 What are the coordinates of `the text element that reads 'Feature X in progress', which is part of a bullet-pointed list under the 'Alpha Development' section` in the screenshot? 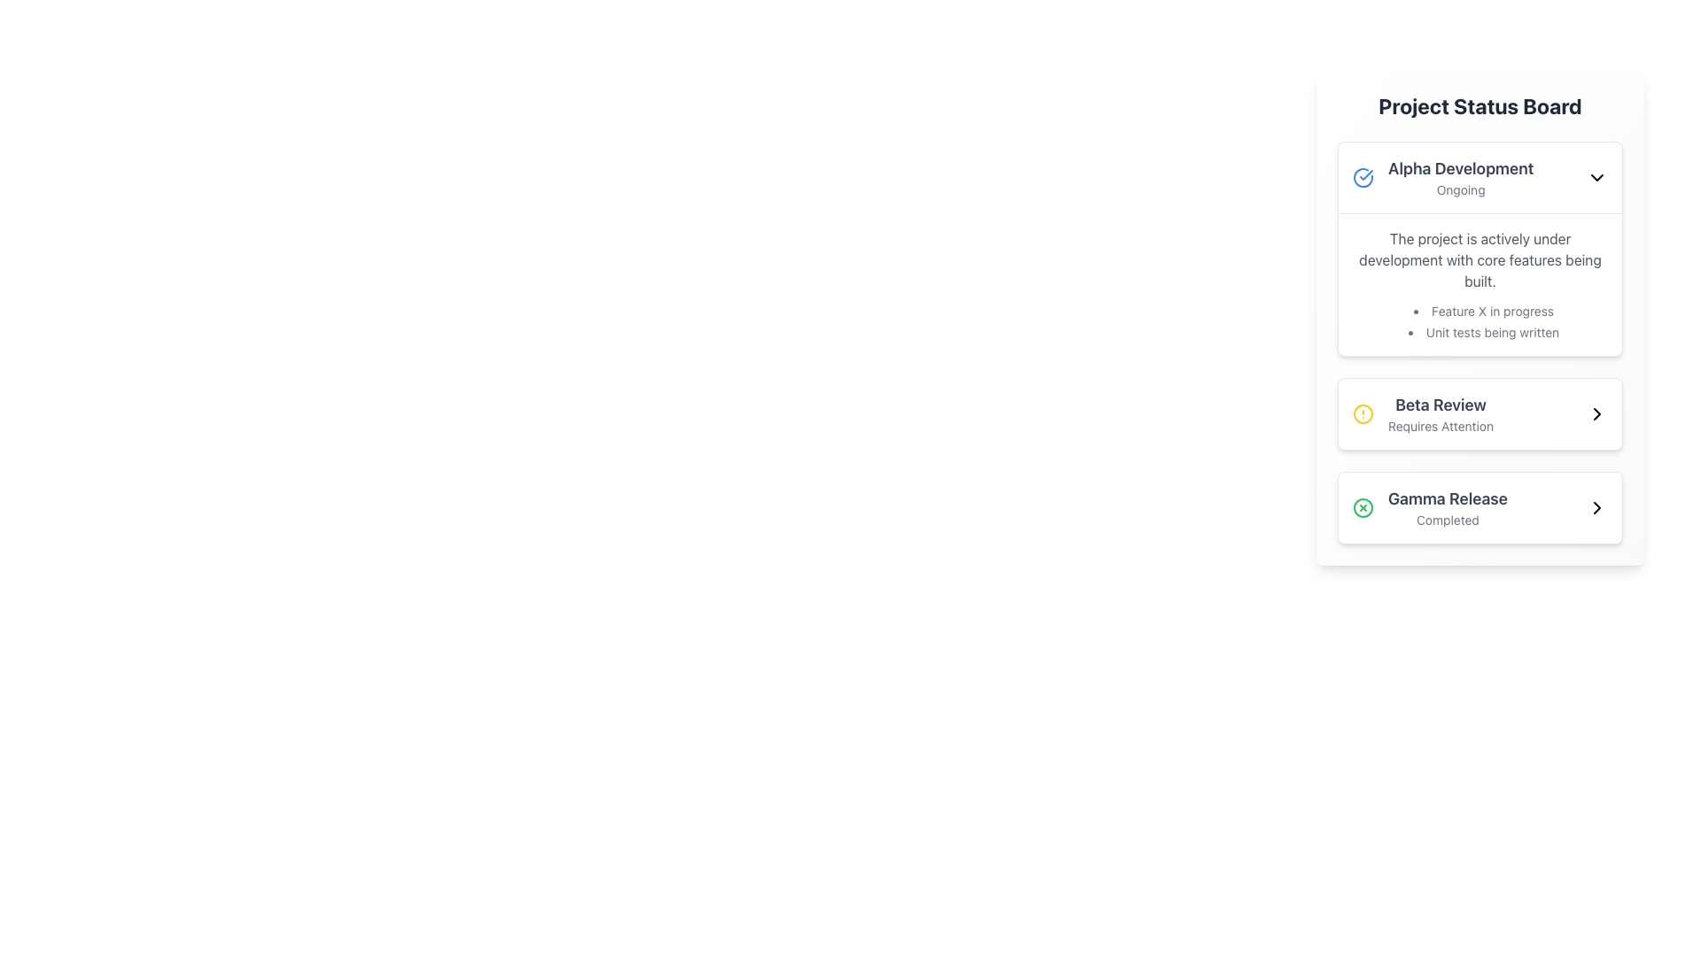 It's located at (1484, 310).